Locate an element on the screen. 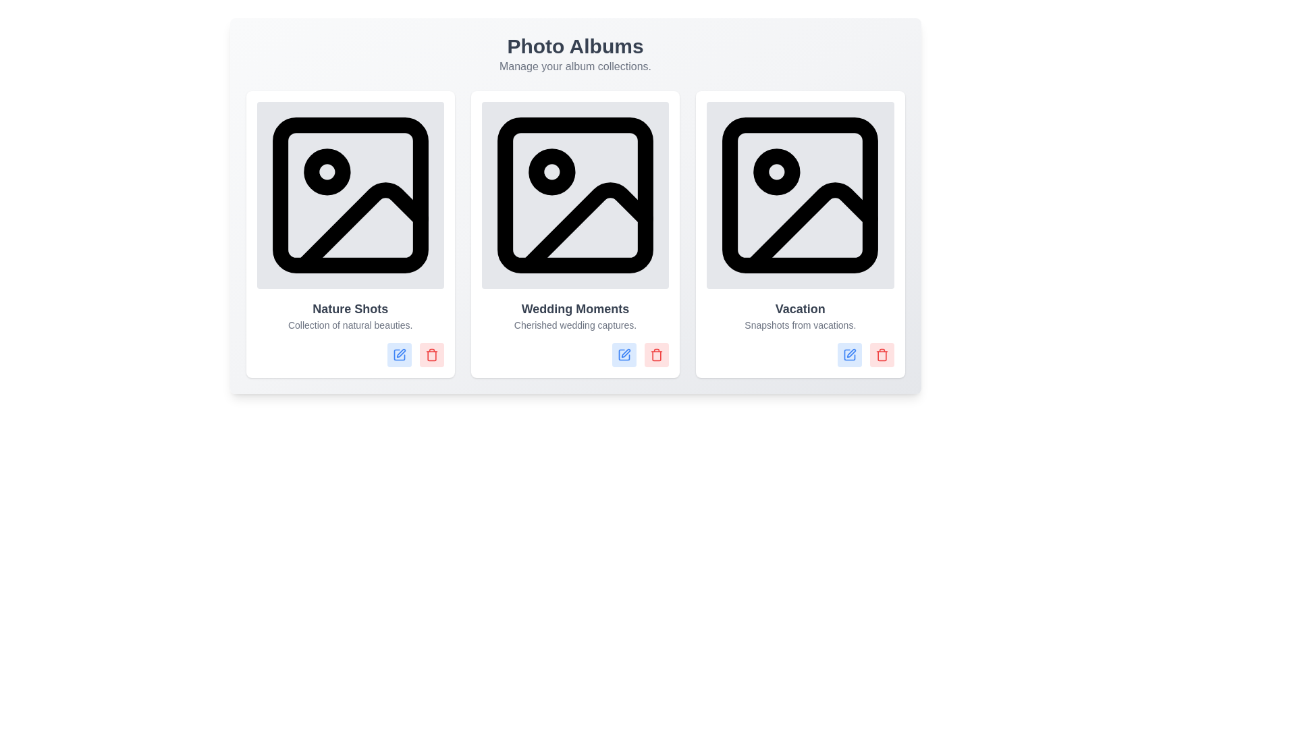  edit button of the album titled Nature Shots is located at coordinates (398, 354).